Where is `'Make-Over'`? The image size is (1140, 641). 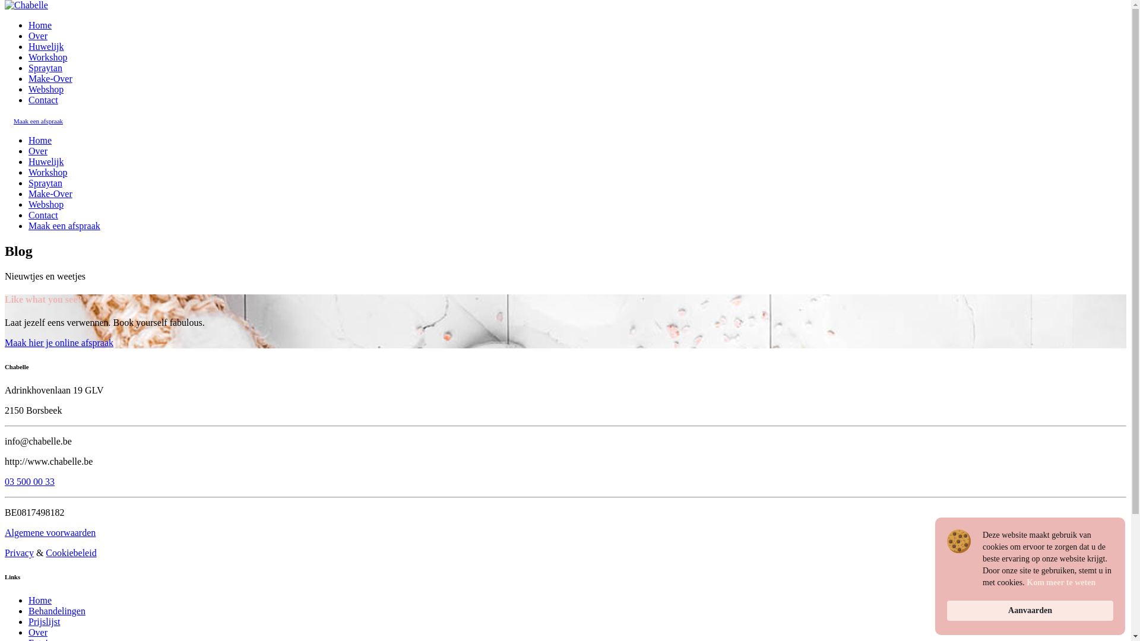
'Make-Over' is located at coordinates (50, 193).